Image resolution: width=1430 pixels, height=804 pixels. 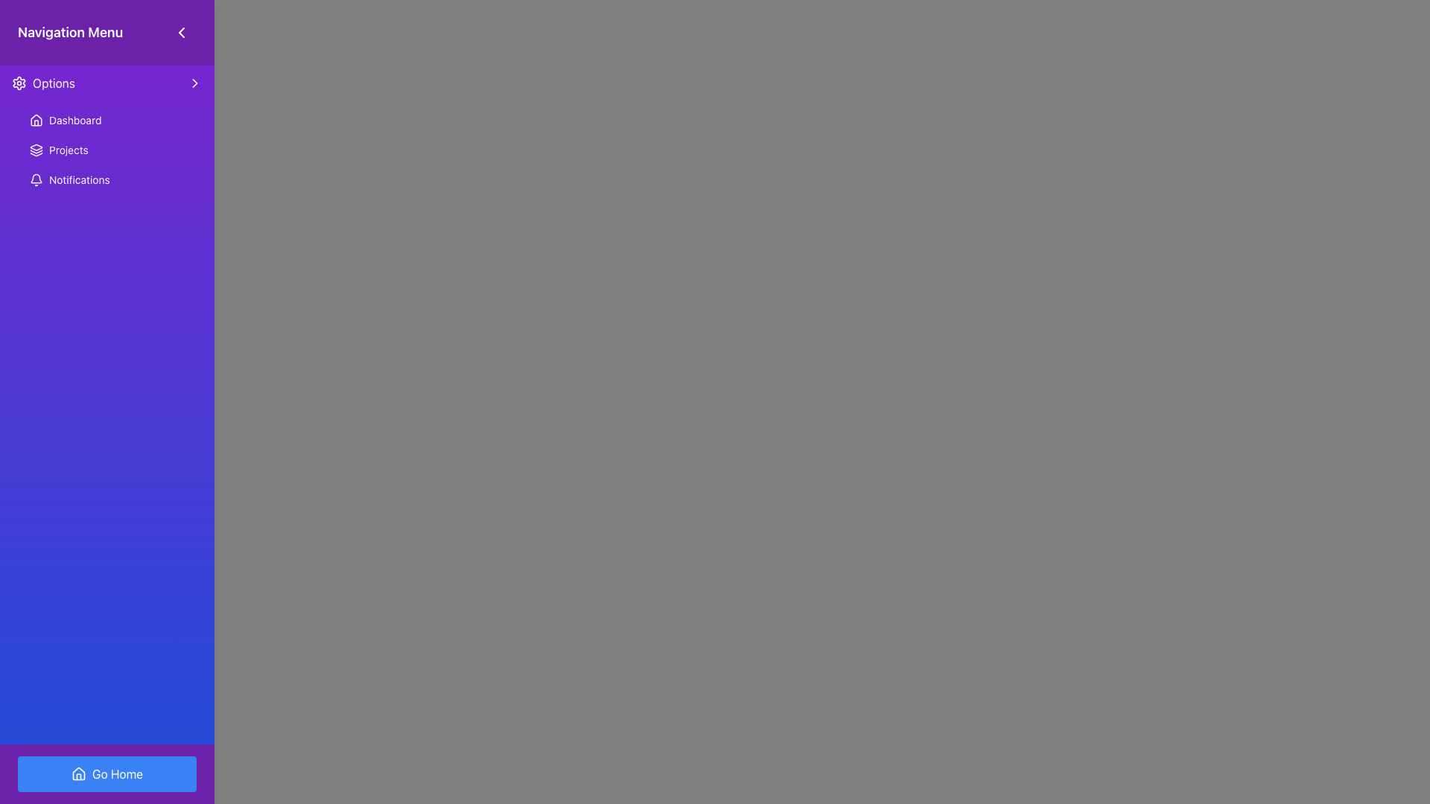 What do you see at coordinates (181, 32) in the screenshot?
I see `the leftward chevron-shaped icon button with a purple background in the top right corner of the navigation menu header` at bounding box center [181, 32].